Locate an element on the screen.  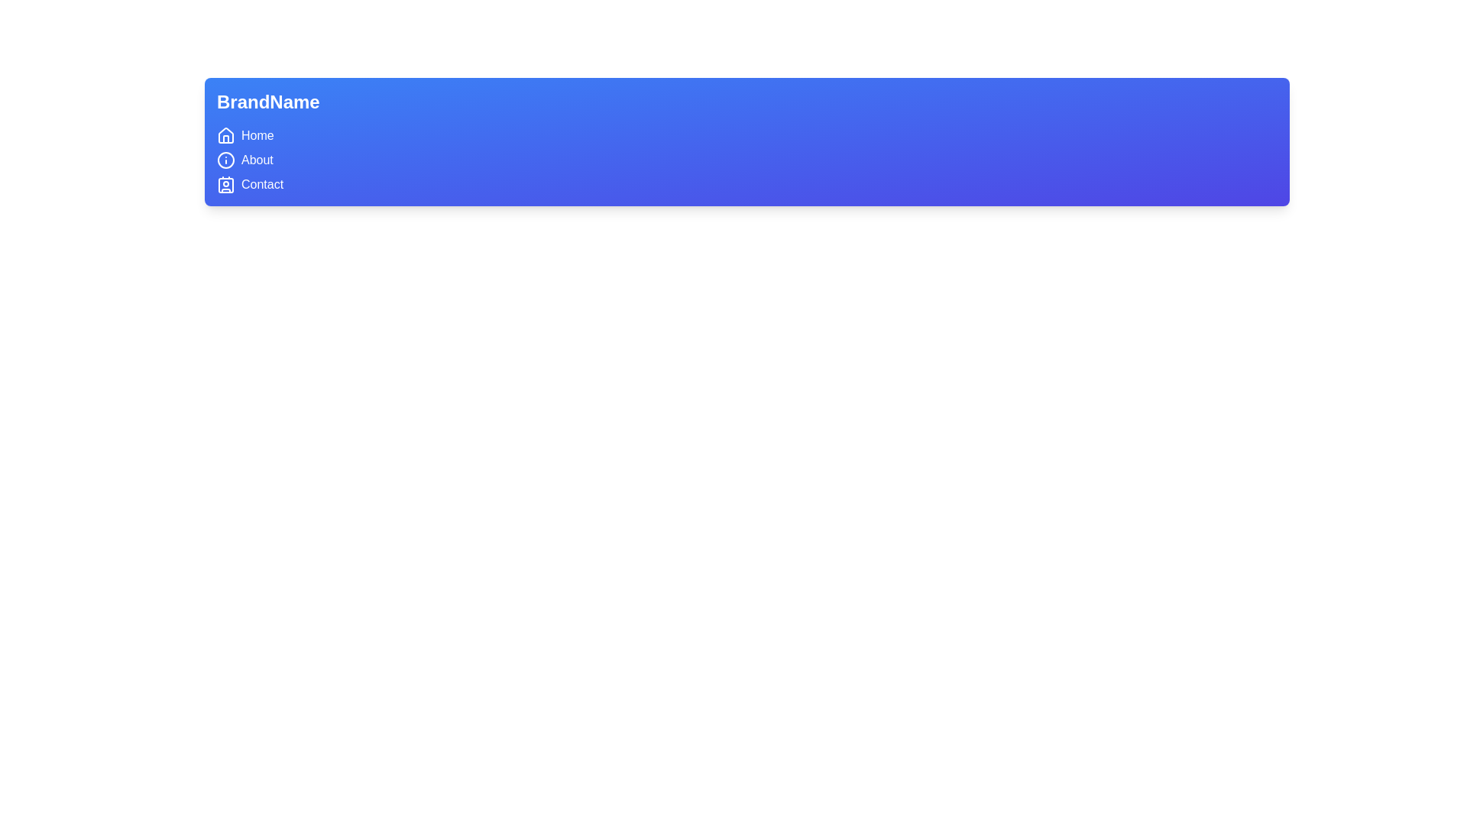
the blue house-shaped icon, which is the first icon in the vertical stack on the left side of the blue menu bar is located at coordinates (225, 134).